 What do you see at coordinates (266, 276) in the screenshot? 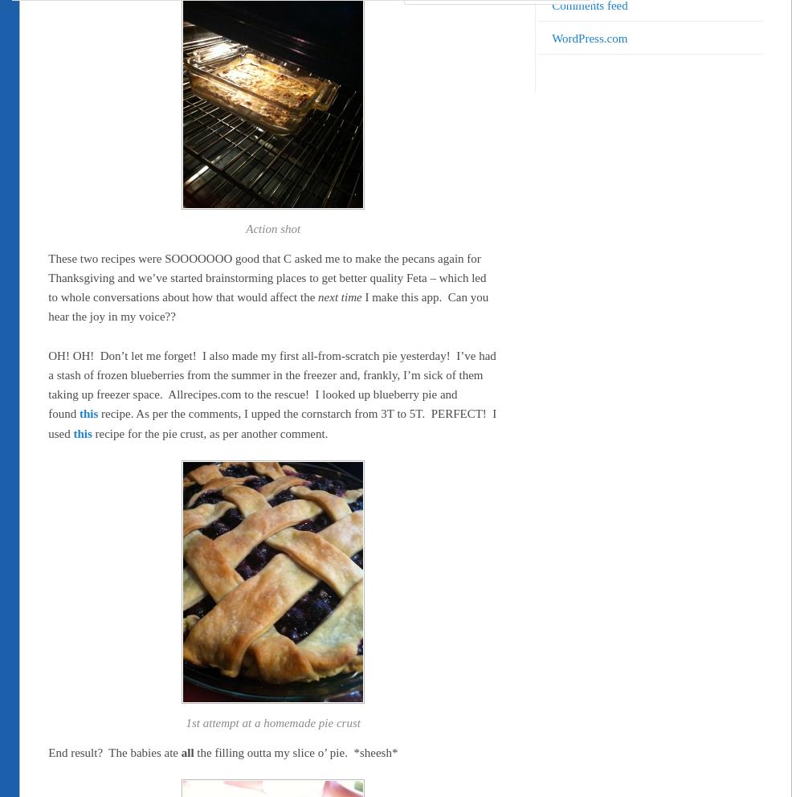
I see `'These two recipes were SOOOOOOO good that C asked me to make the pecans again for Thanksgiving and we’ve started brainstorming places to get better quality Feta – which led to whole conversations about how that would affect the'` at bounding box center [266, 276].